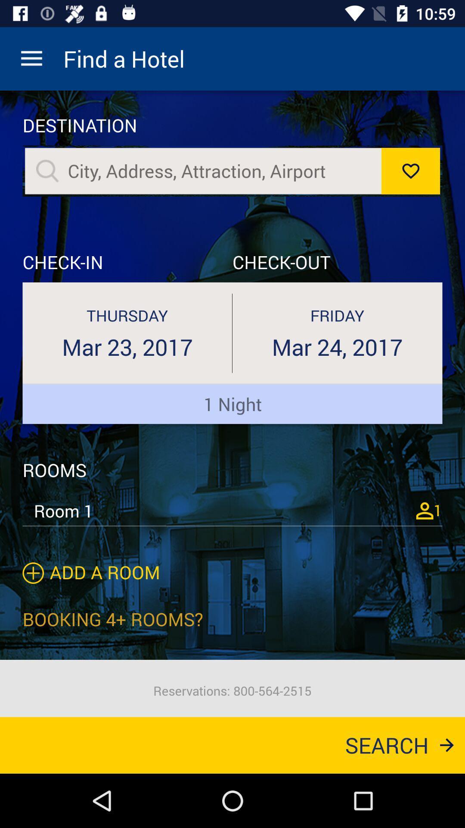 This screenshot has height=828, width=465. What do you see at coordinates (220, 171) in the screenshot?
I see `search option` at bounding box center [220, 171].